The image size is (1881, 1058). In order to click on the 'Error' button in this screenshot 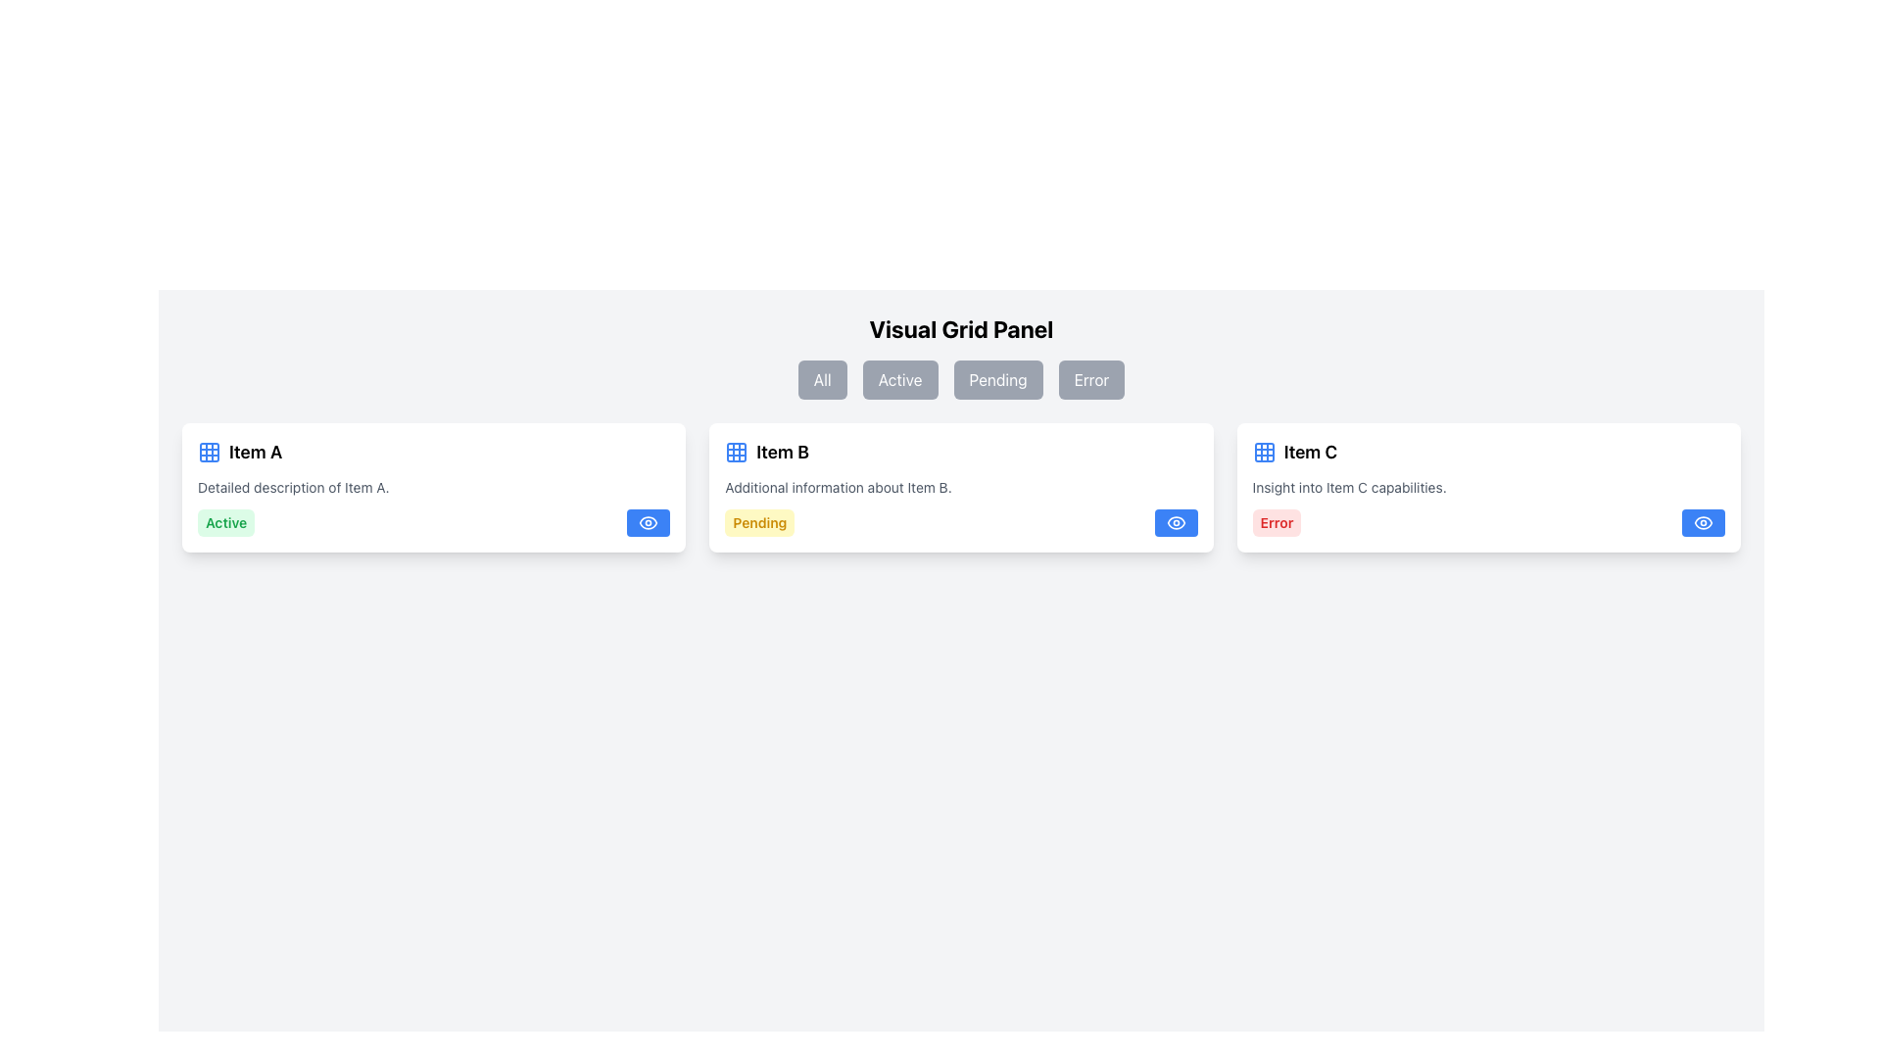, I will do `click(1090, 380)`.